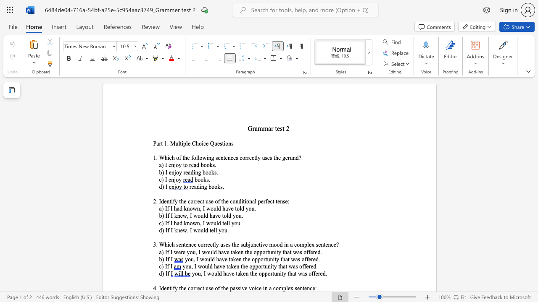 The width and height of the screenshot is (538, 302). I want to click on the space between the continuous character "e" and ":" in the text, so click(314, 288).